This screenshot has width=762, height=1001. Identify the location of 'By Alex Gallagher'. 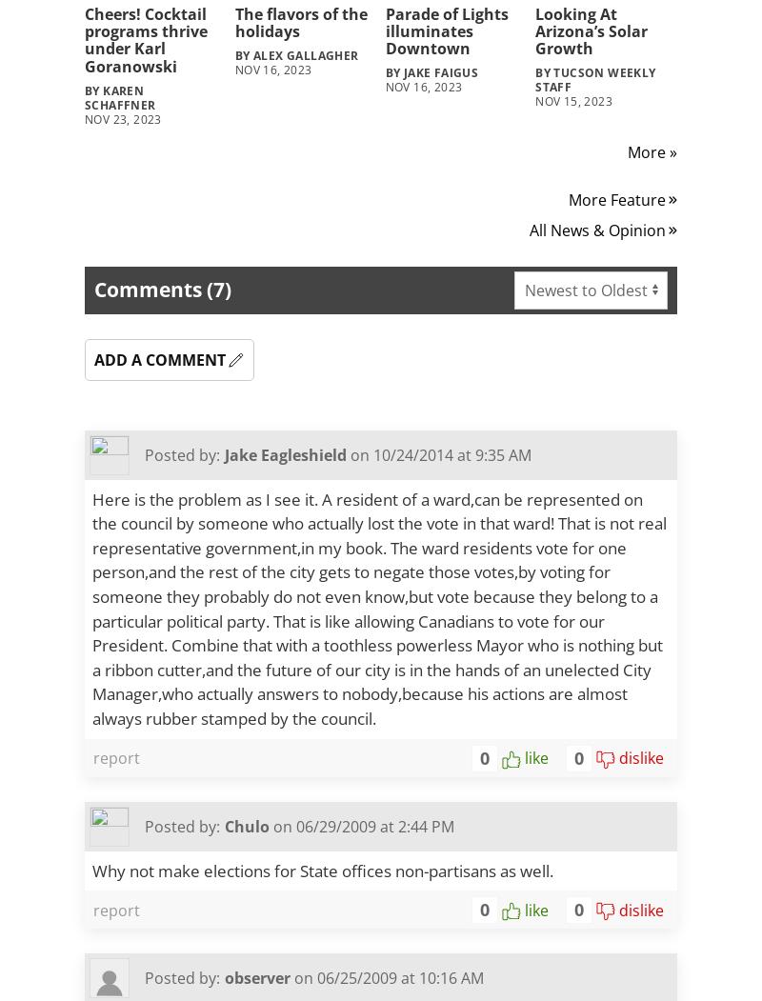
(233, 53).